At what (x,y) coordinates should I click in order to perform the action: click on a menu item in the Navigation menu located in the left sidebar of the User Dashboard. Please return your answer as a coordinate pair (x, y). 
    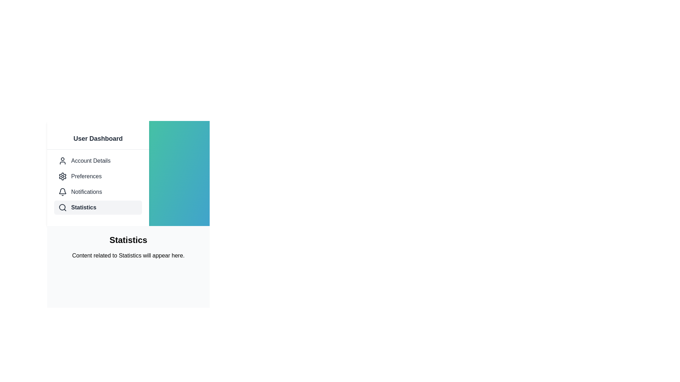
    Looking at the image, I should click on (98, 184).